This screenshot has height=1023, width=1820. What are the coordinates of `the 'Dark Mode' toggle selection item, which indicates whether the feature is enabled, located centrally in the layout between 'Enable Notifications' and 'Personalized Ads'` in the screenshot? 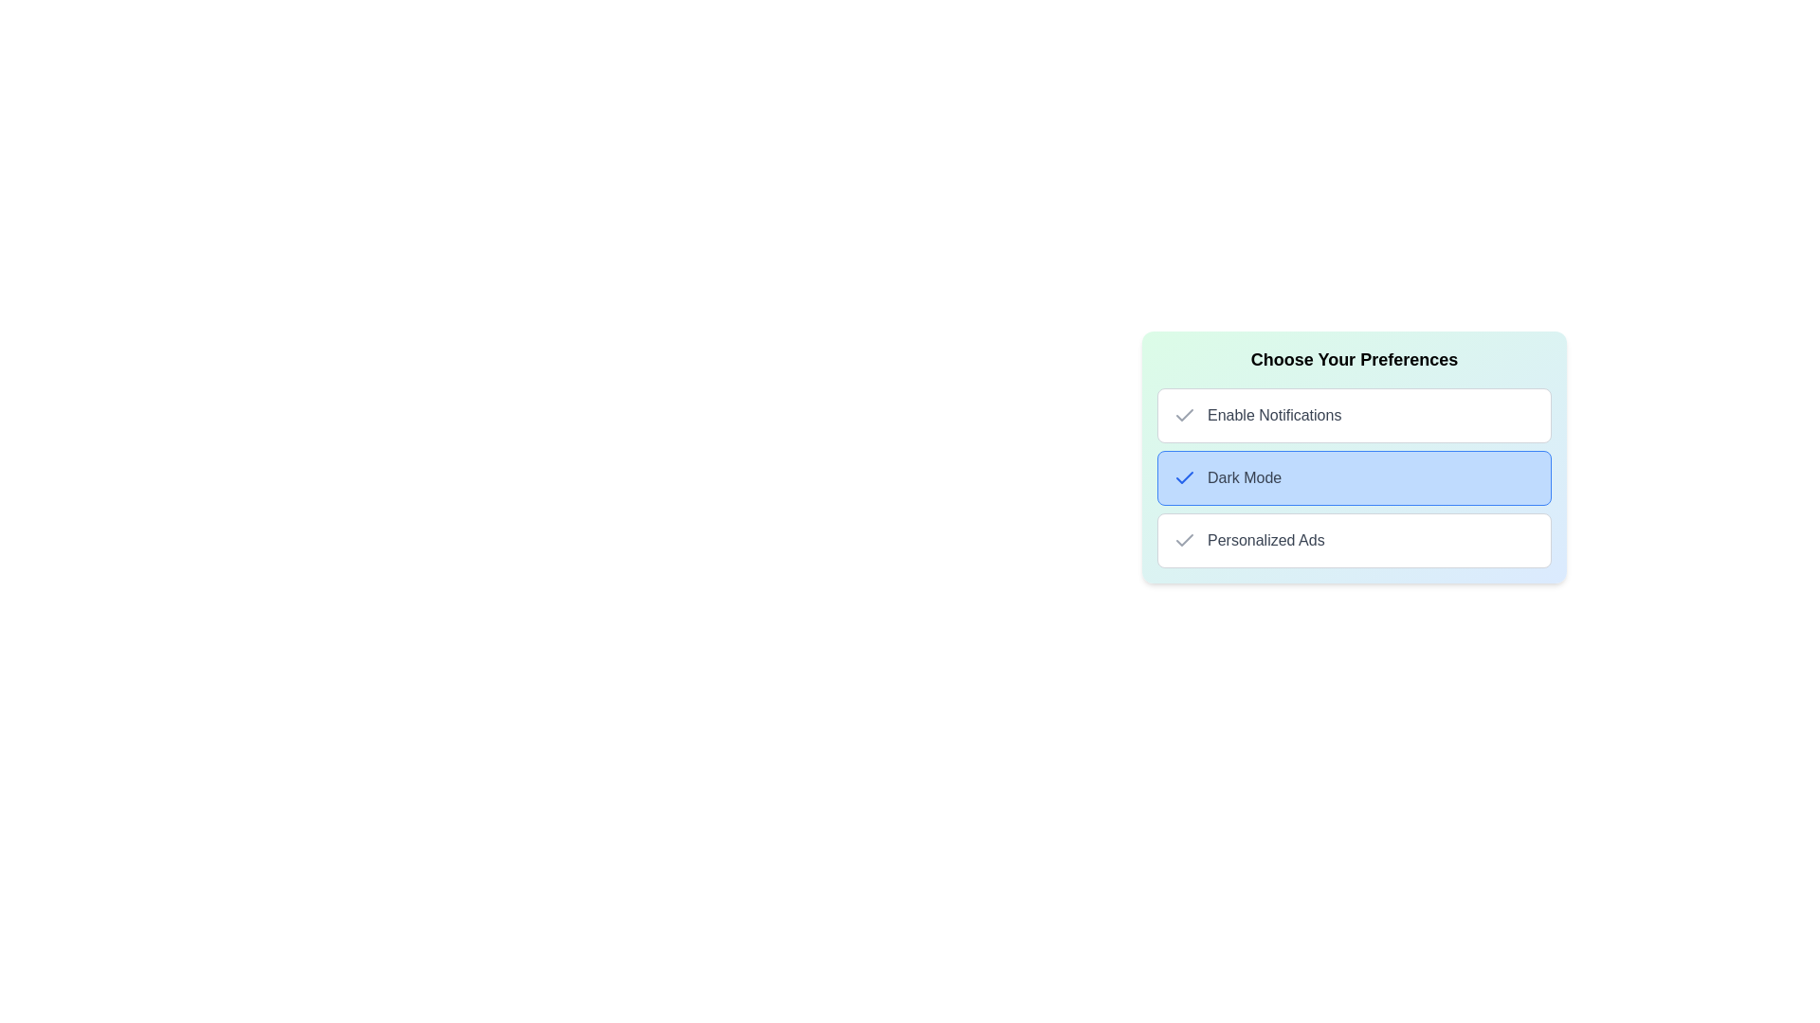 It's located at (1354, 477).